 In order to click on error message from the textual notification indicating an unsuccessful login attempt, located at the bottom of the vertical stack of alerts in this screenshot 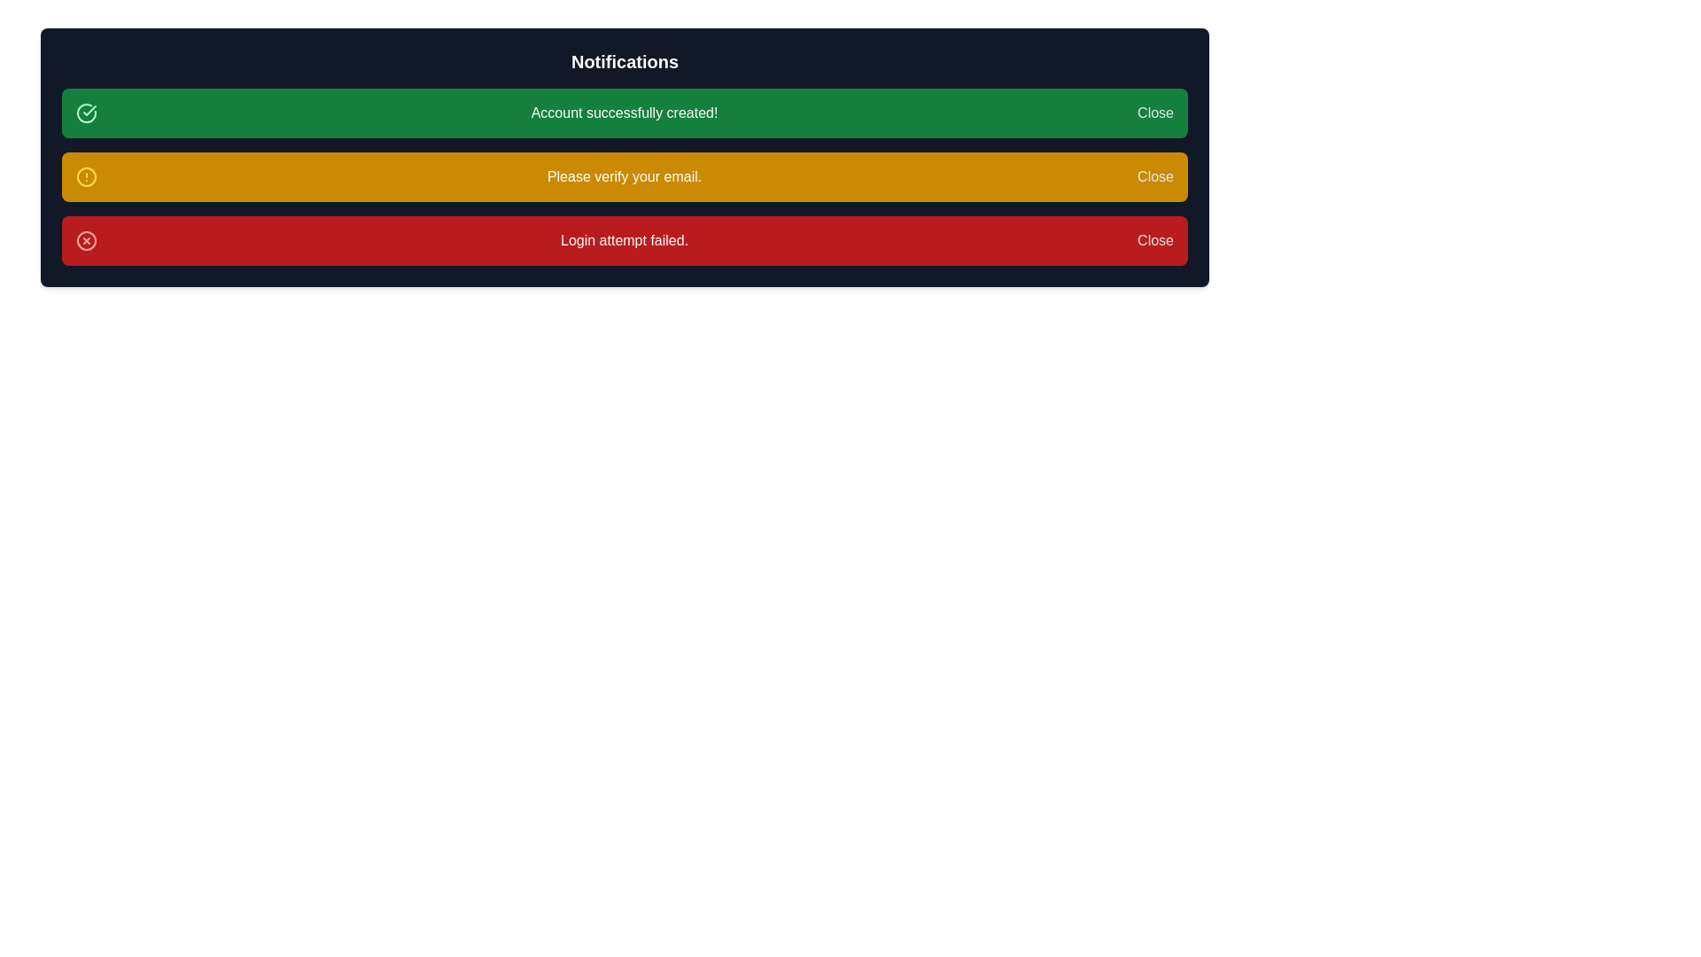, I will do `click(625, 241)`.